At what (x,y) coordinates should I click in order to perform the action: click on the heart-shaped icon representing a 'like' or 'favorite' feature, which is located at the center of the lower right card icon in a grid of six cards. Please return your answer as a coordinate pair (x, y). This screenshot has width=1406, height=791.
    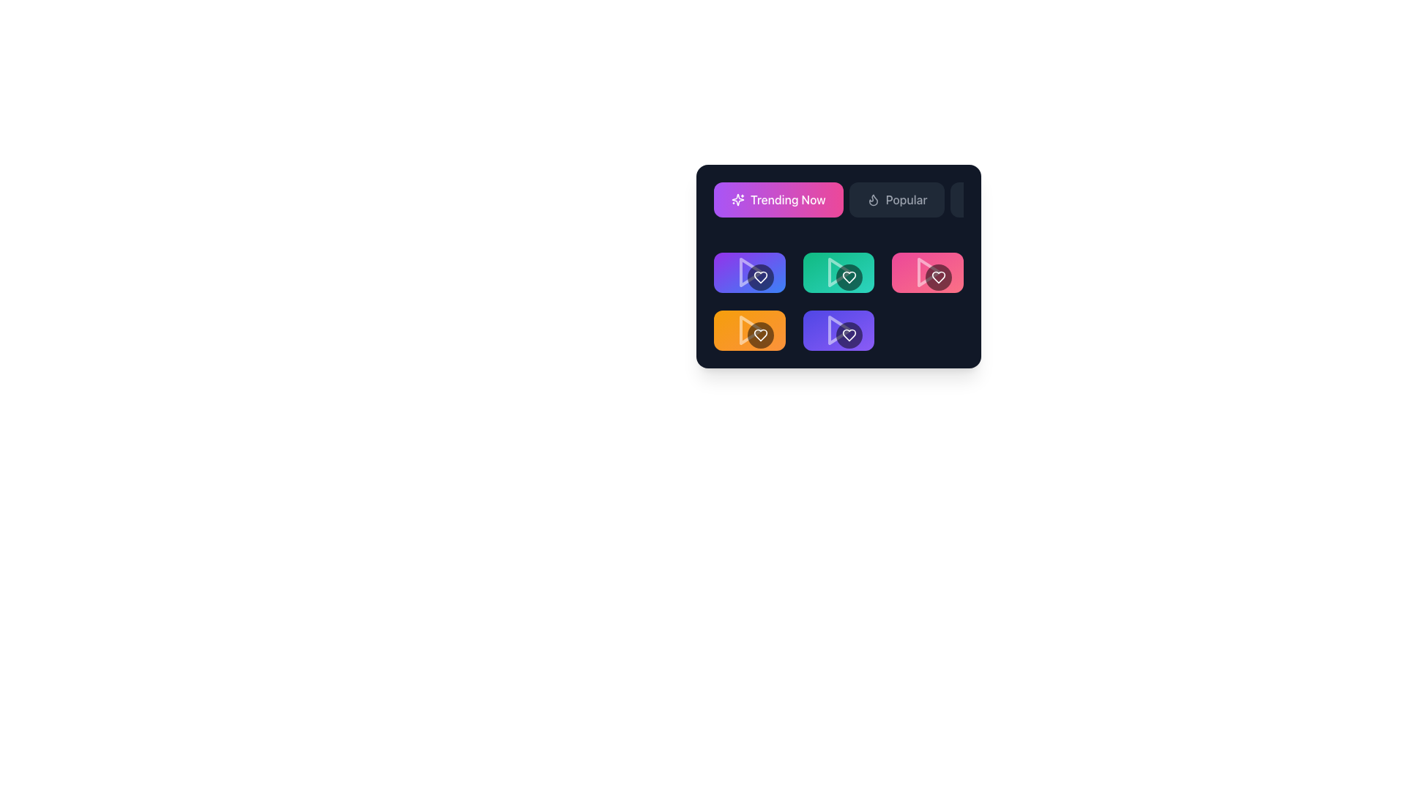
    Looking at the image, I should click on (849, 335).